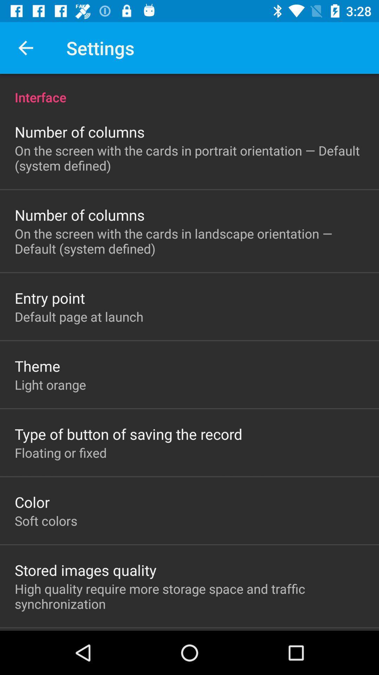 The image size is (379, 675). What do you see at coordinates (49, 298) in the screenshot?
I see `item above default page at` at bounding box center [49, 298].